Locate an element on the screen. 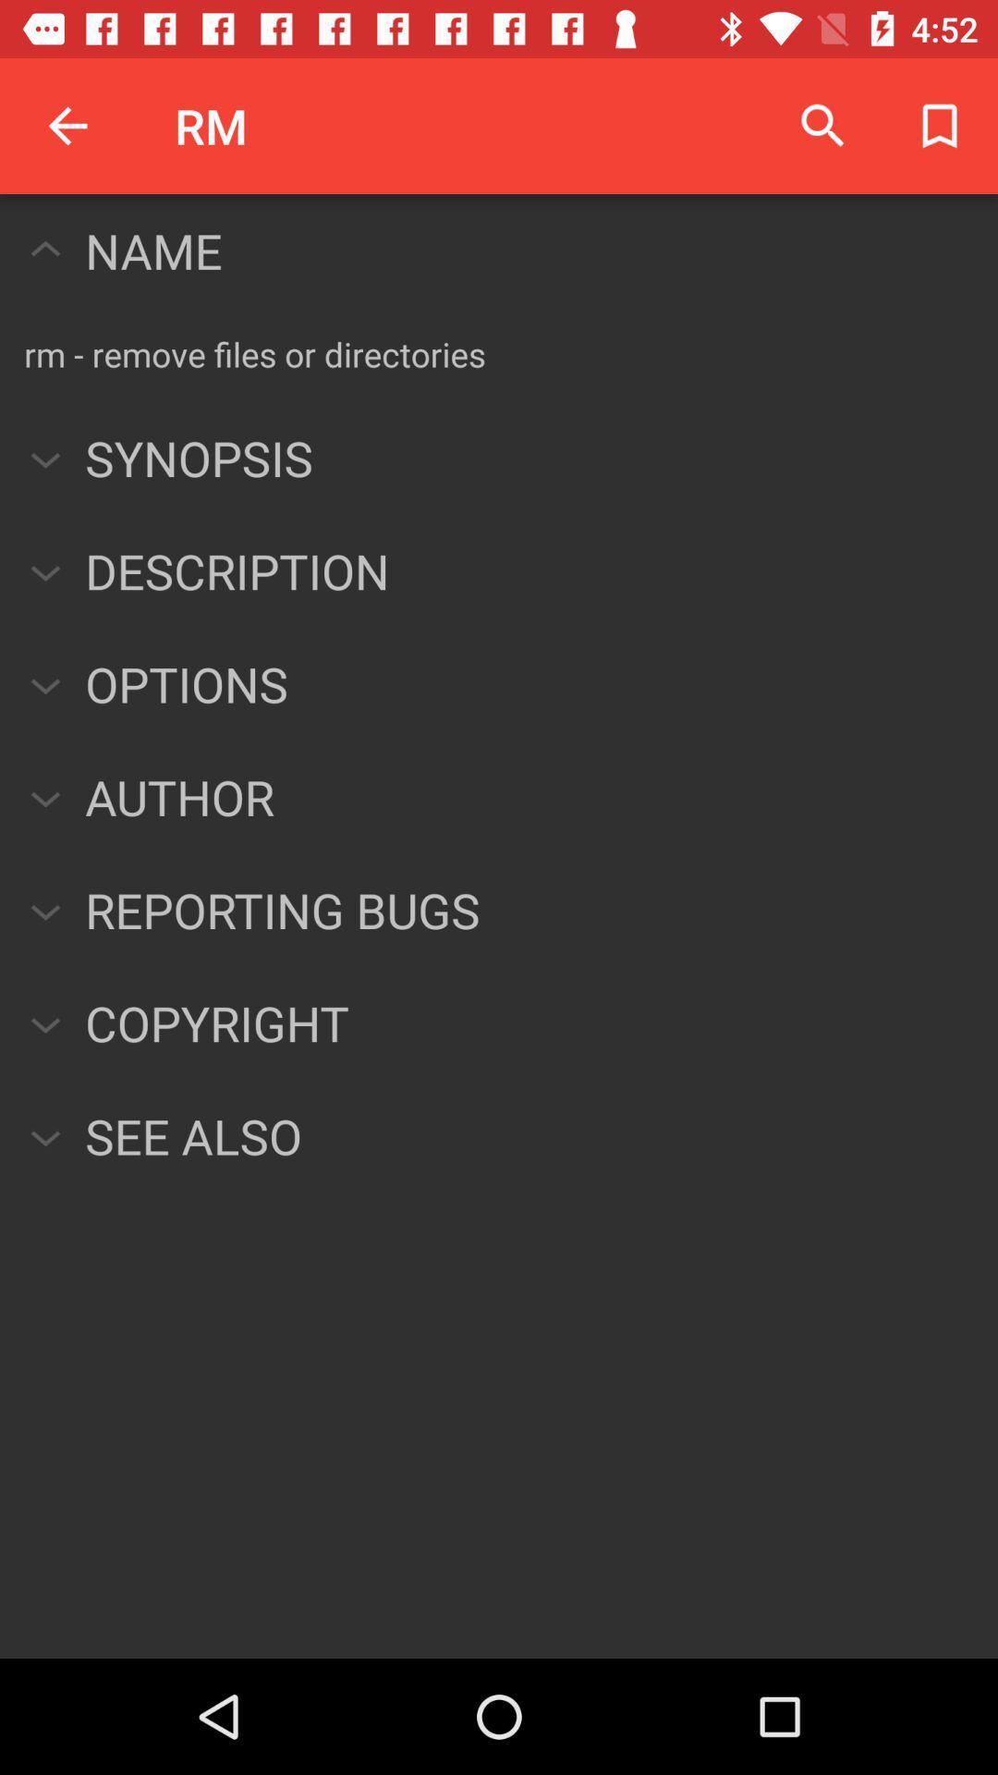  item next to the rm item is located at coordinates (67, 125).